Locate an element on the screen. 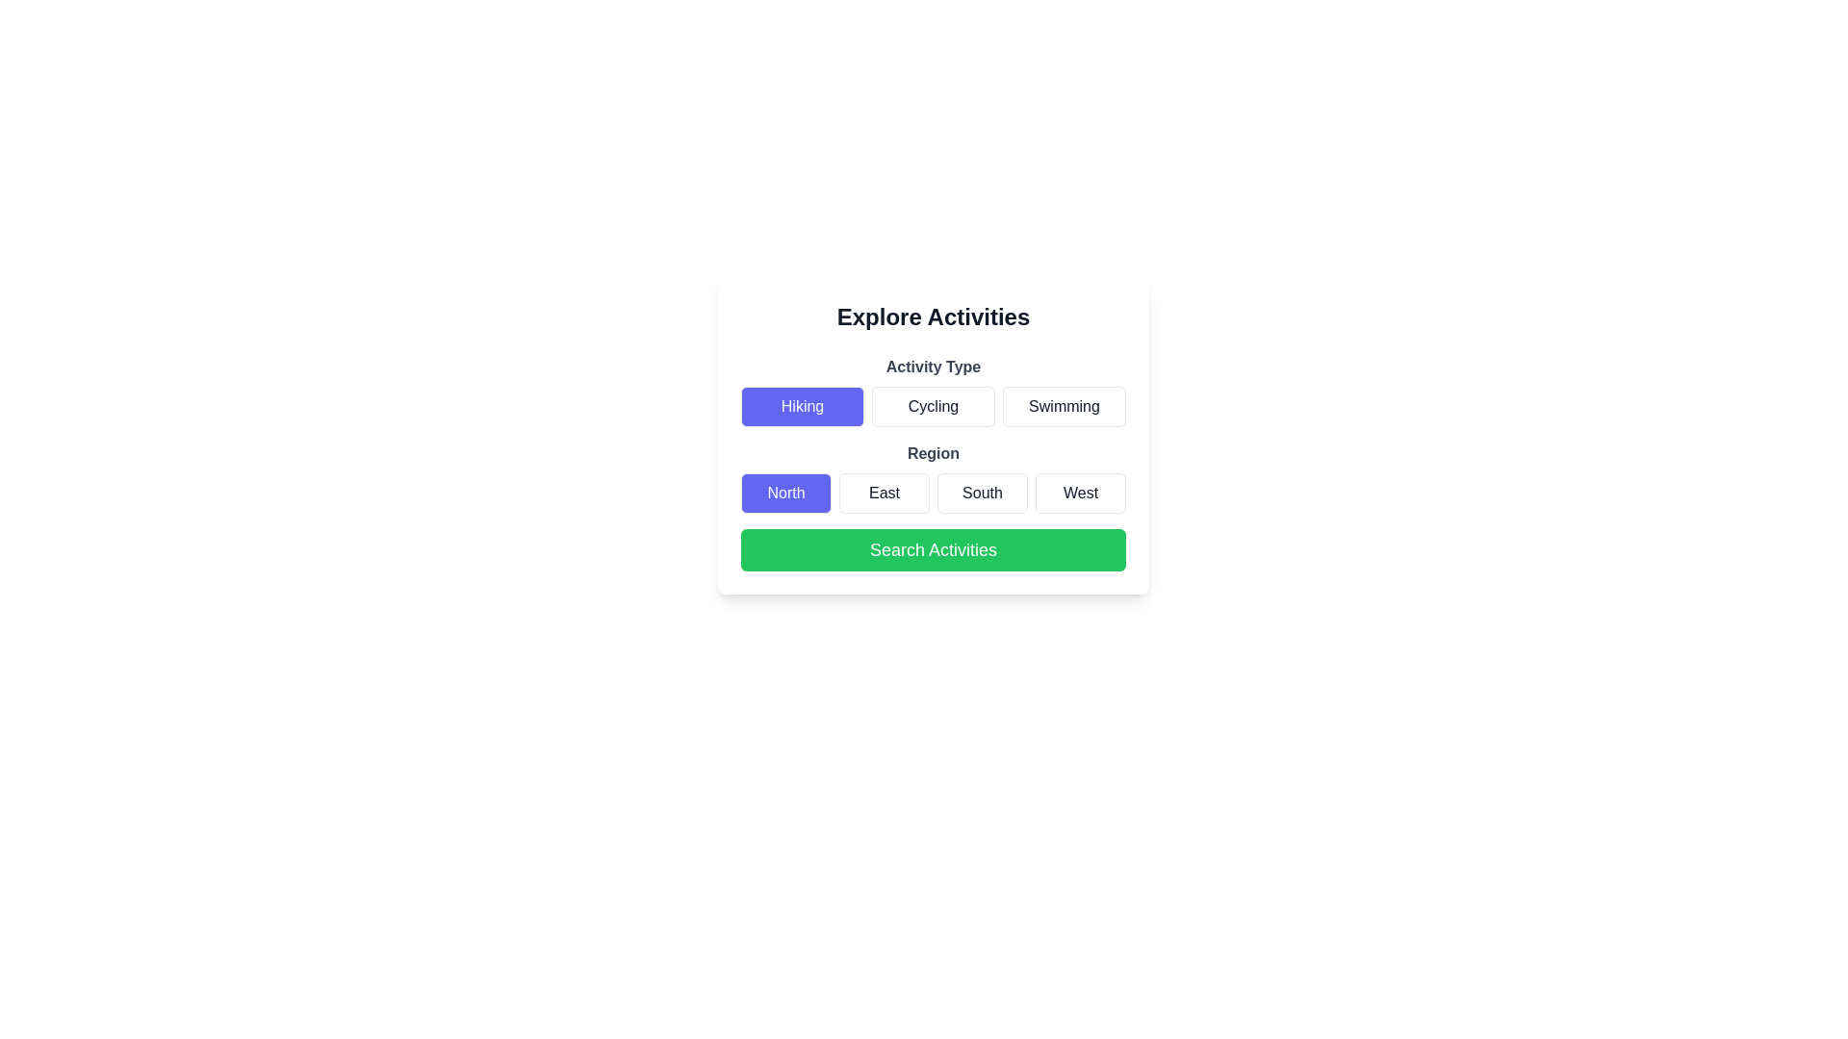  the 'Hiking' activity type button located at the top left of the 'Activity Type' section is located at coordinates (803, 406).